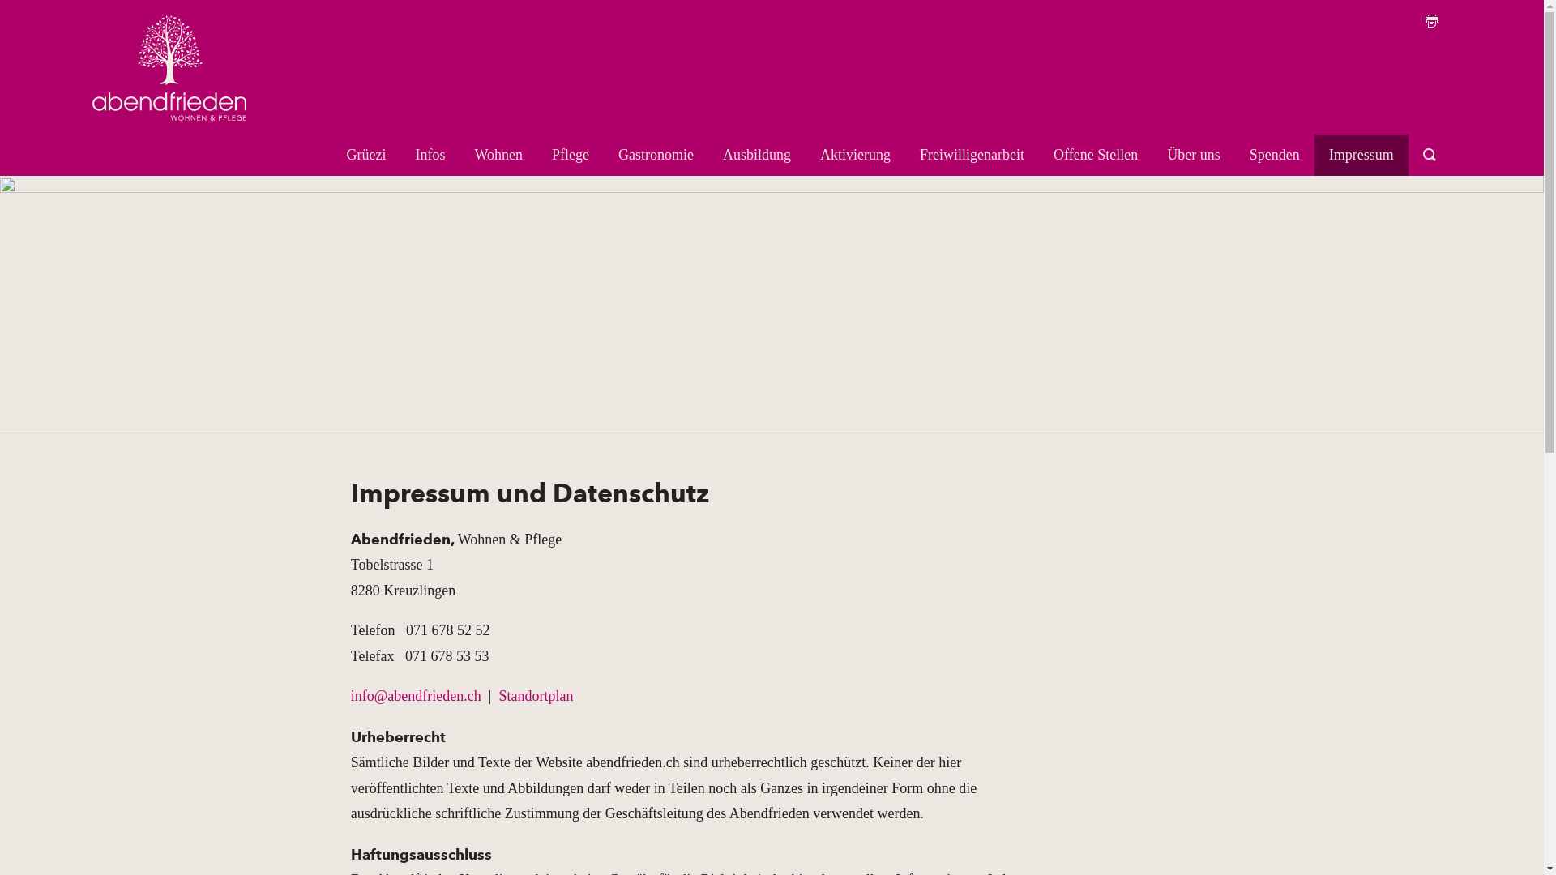 The image size is (1556, 875). I want to click on 'Offene Stellen', so click(1096, 156).